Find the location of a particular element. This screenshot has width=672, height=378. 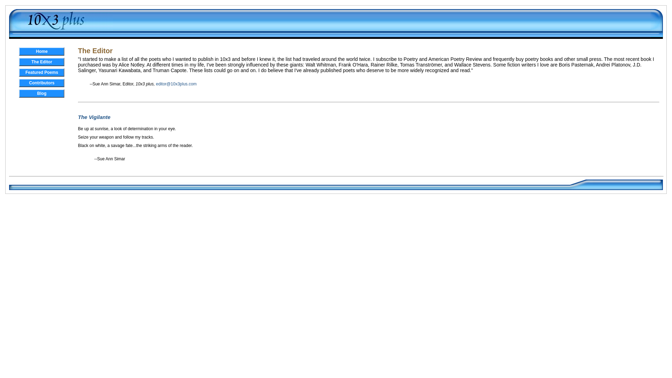

'Contributors' is located at coordinates (41, 82).